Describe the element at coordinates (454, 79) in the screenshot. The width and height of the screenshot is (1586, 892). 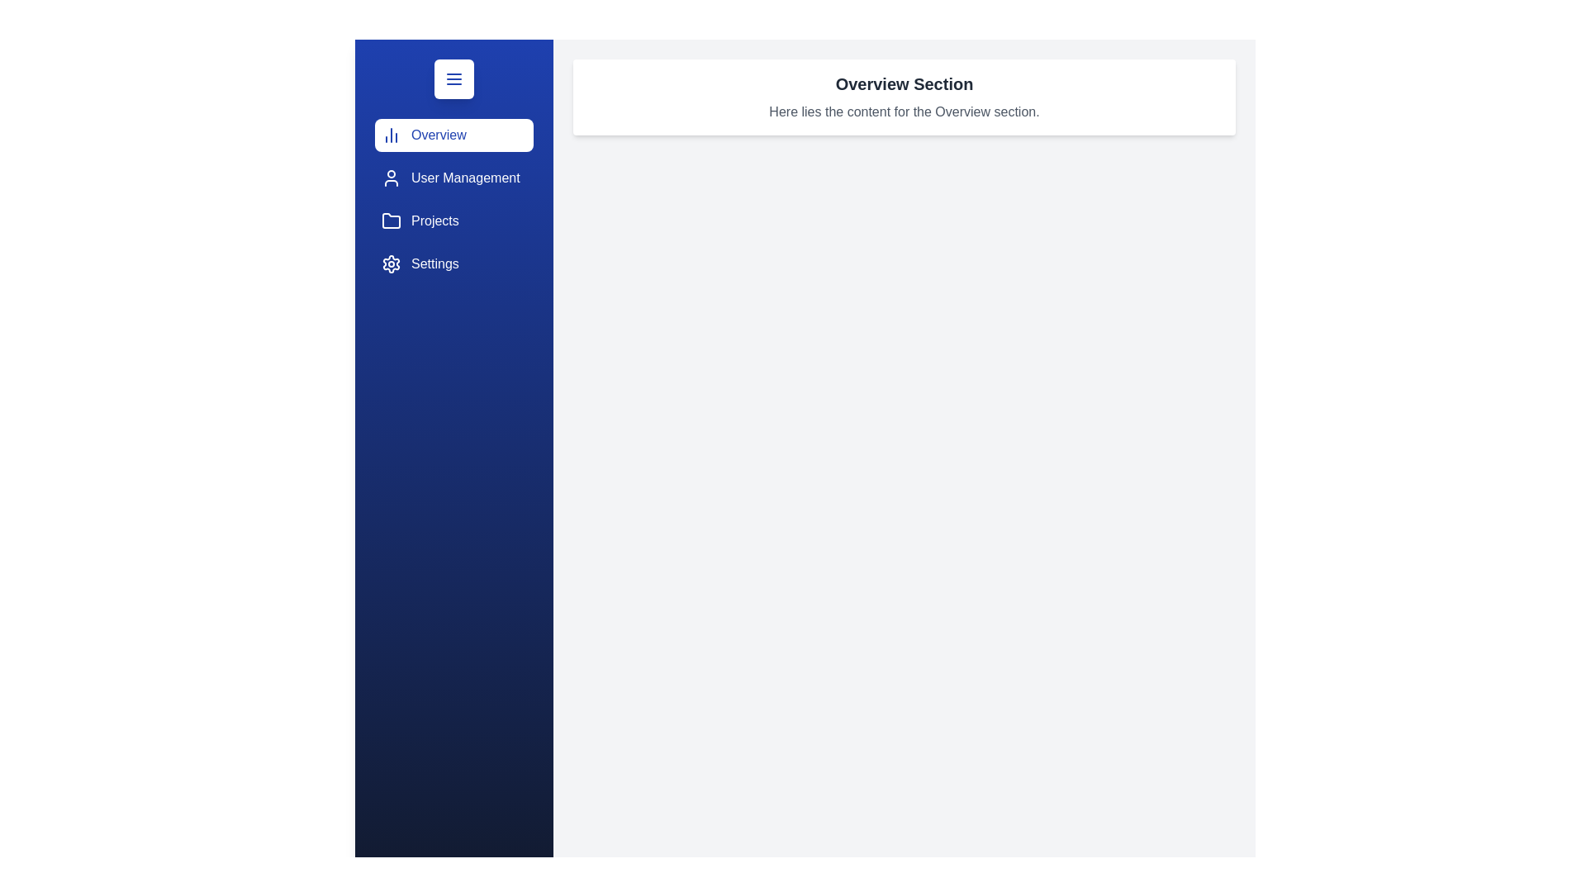
I see `button at the top-left corner of the sidebar to toggle its visibility` at that location.